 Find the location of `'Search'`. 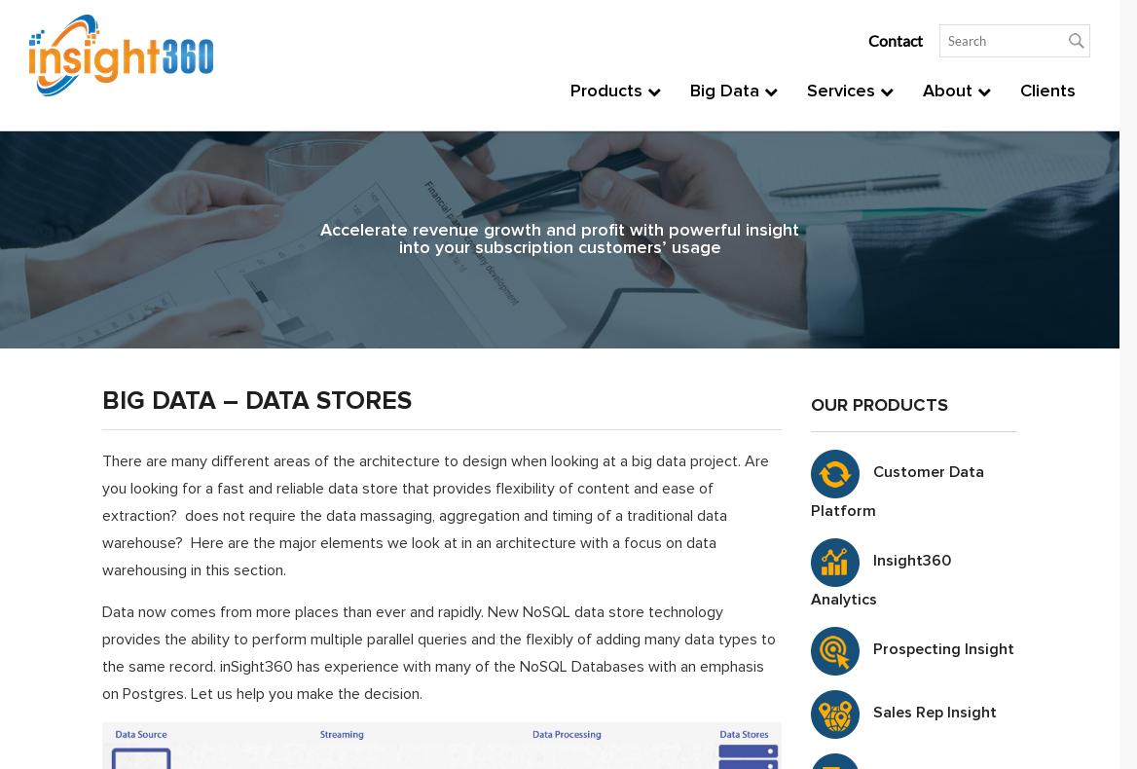

'Search' is located at coordinates (806, 462).